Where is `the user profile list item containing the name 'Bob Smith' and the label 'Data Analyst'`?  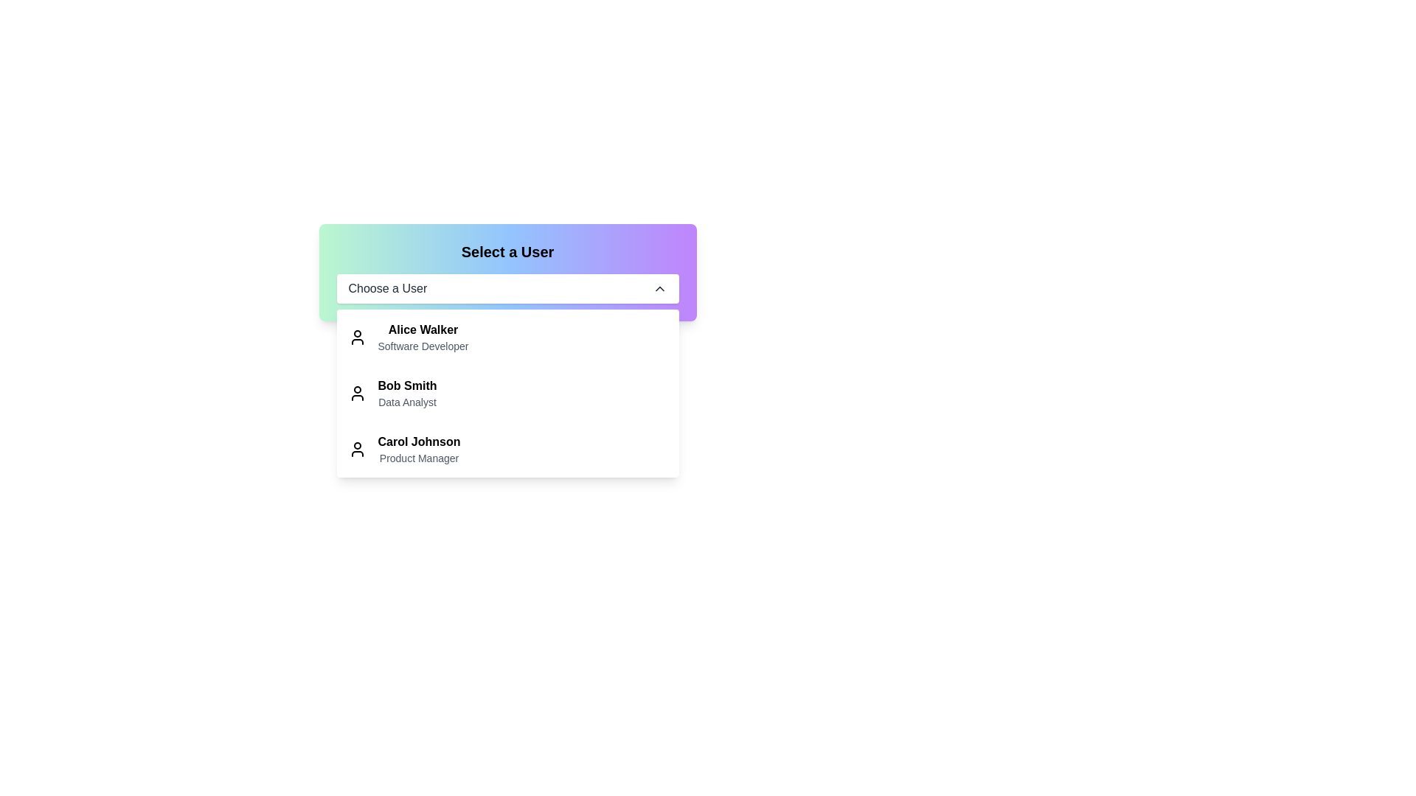 the user profile list item containing the name 'Bob Smith' and the label 'Data Analyst' is located at coordinates (407, 392).